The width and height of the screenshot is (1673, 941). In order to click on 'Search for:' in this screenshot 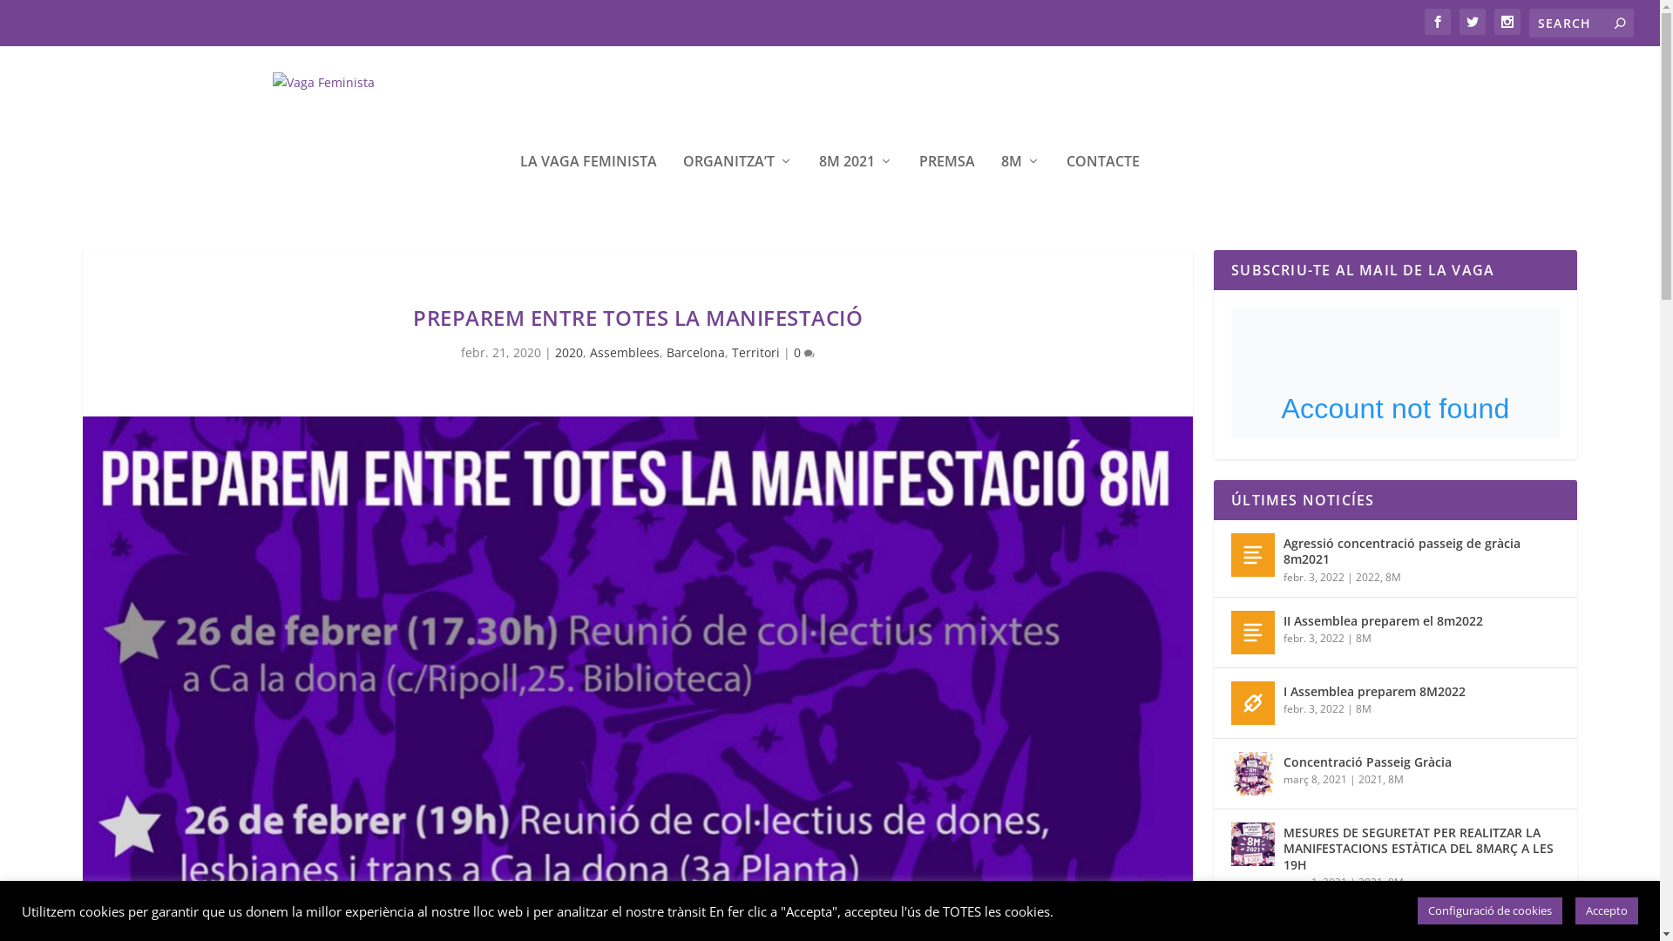, I will do `click(1581, 23)`.